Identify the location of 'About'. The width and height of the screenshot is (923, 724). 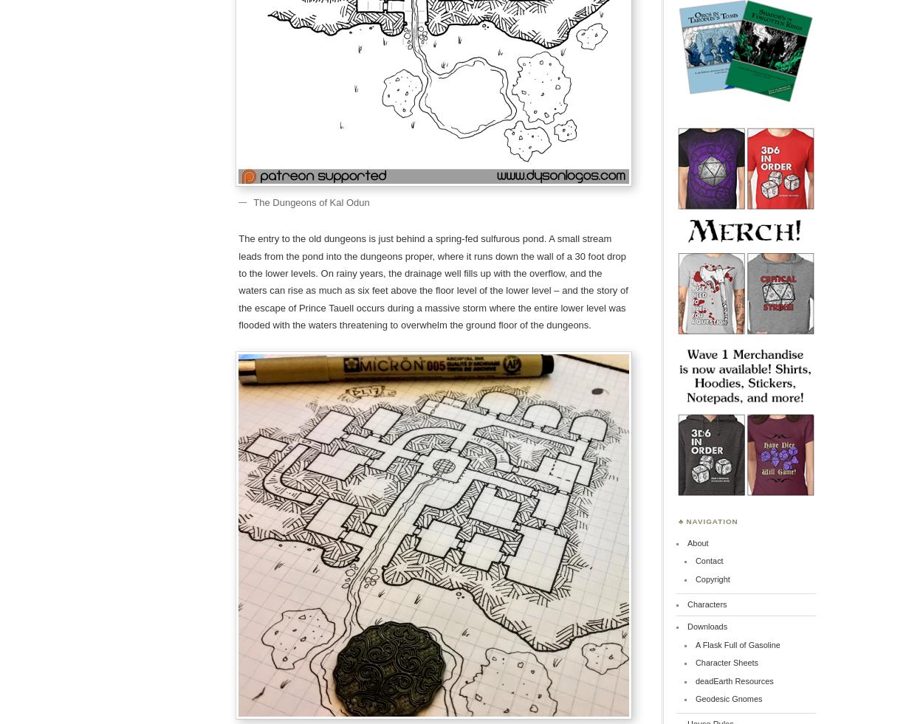
(697, 542).